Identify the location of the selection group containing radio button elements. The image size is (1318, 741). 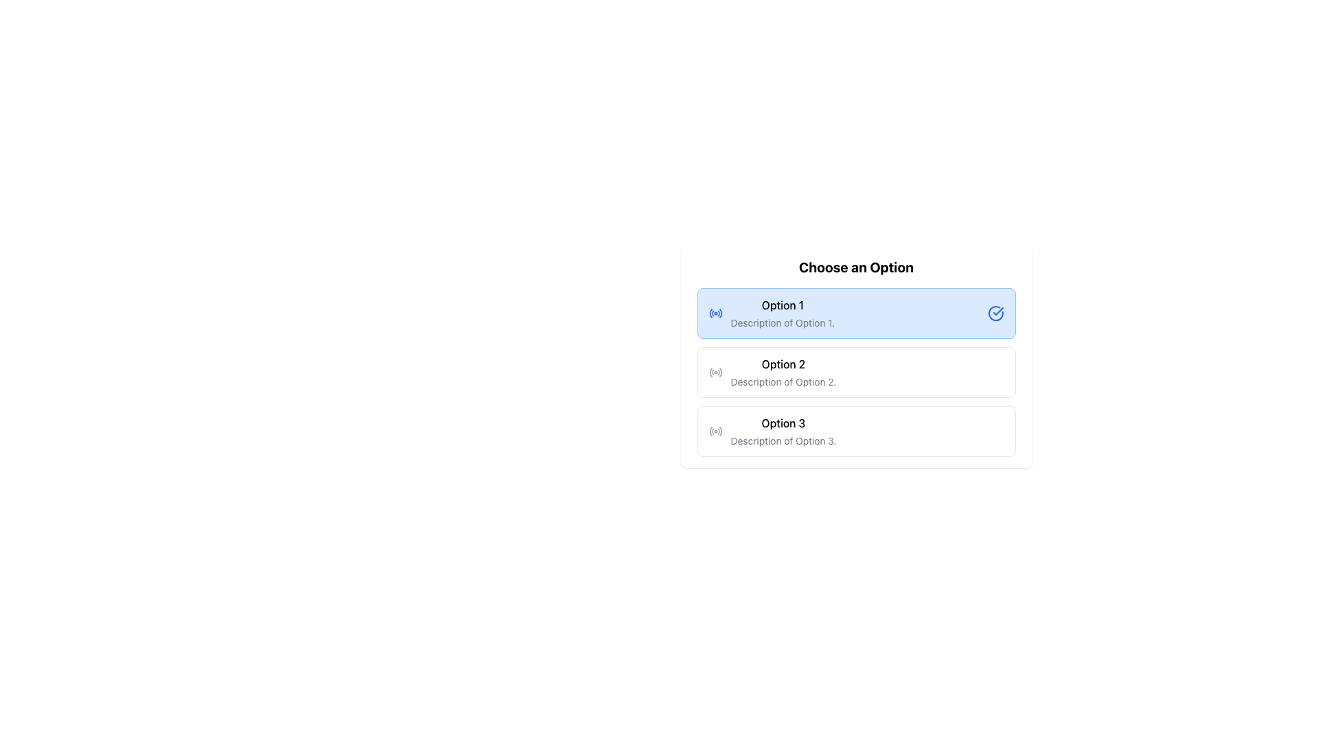
(855, 356).